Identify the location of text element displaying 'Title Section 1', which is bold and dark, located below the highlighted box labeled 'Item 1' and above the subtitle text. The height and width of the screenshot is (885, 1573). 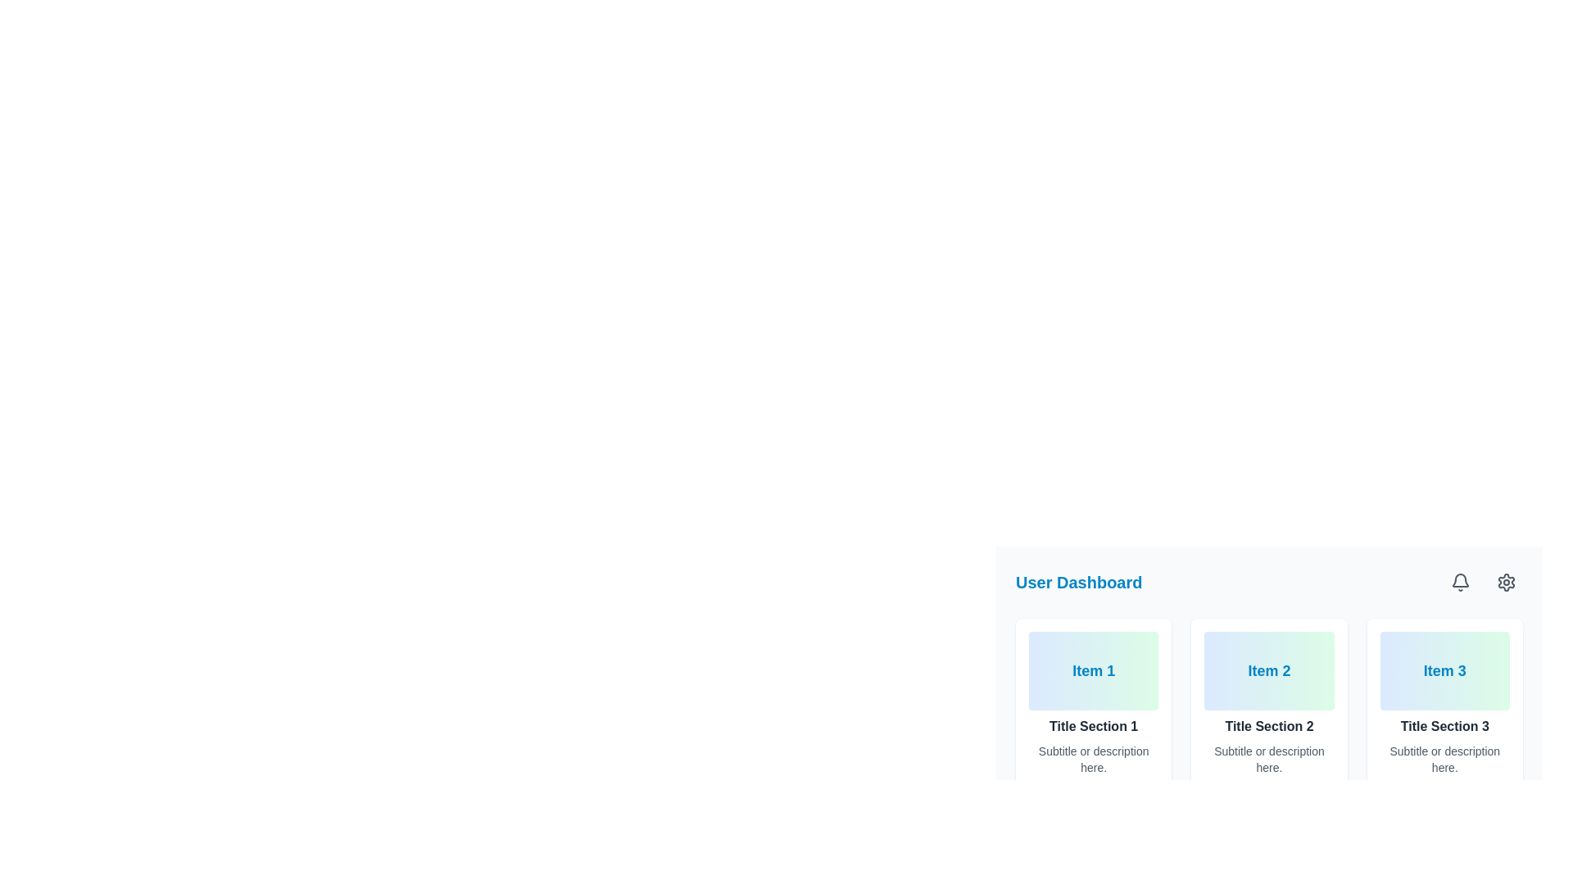
(1094, 726).